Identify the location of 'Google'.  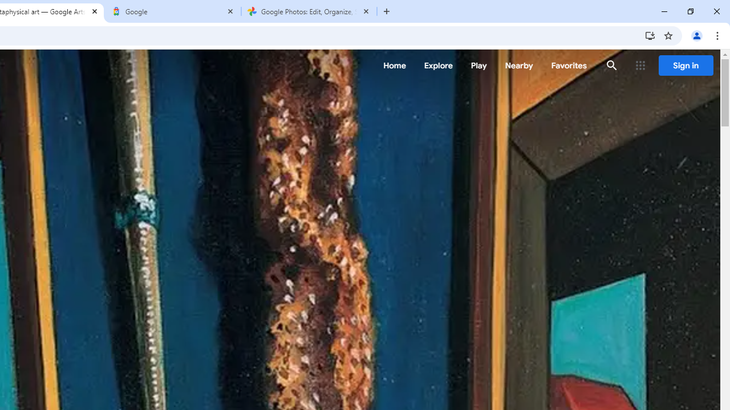
(173, 11).